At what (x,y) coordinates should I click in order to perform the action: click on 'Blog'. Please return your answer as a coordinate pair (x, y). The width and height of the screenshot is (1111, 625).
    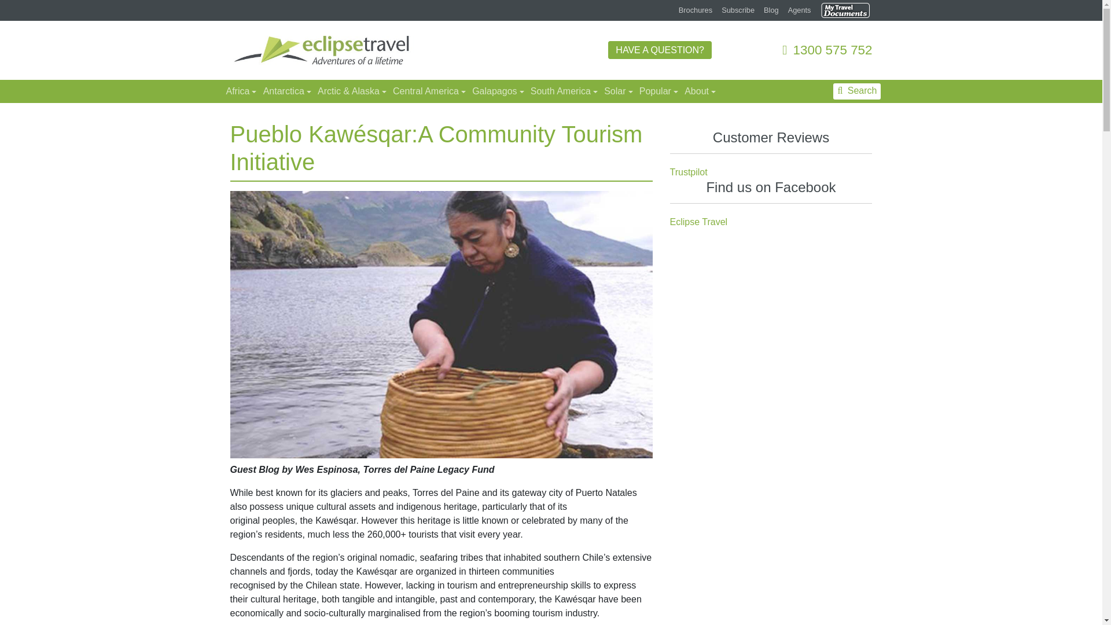
    Looking at the image, I should click on (771, 10).